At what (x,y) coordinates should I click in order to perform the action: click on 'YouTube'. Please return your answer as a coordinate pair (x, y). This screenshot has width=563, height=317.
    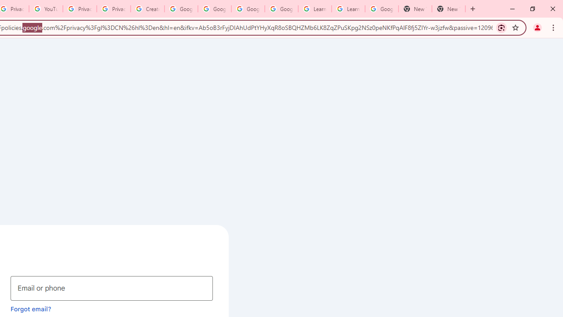
    Looking at the image, I should click on (45, 9).